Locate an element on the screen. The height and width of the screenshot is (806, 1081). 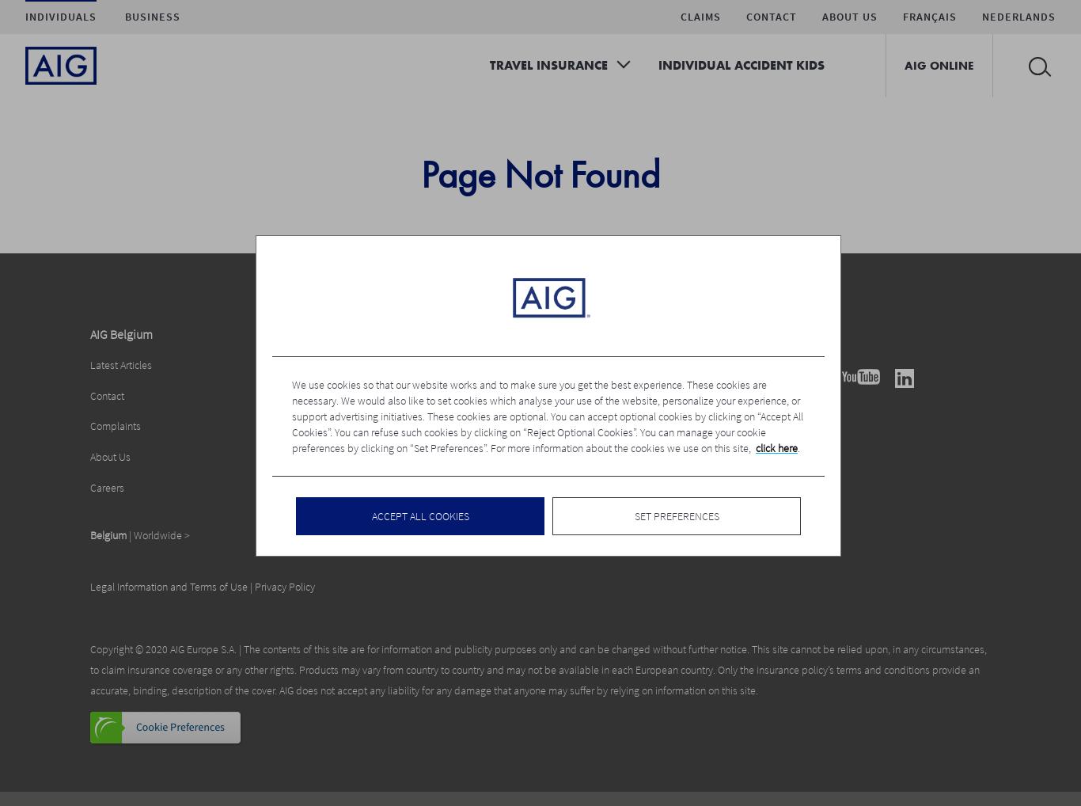
'MiFid Policy (BE)' is located at coordinates (577, 395).